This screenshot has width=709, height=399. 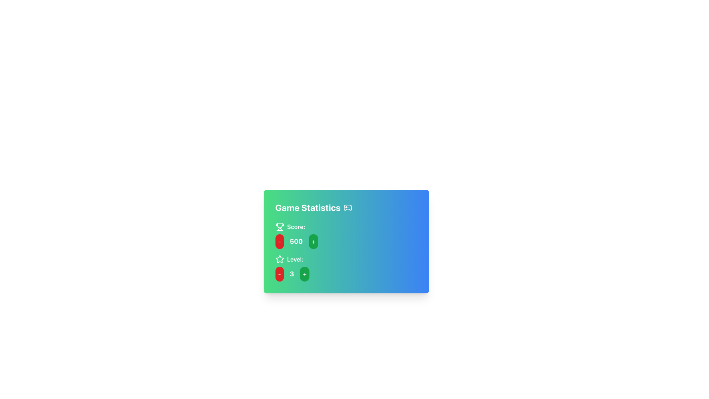 I want to click on the '+' button within the 'Game Statistics' card to increase the level value, so click(x=346, y=274).